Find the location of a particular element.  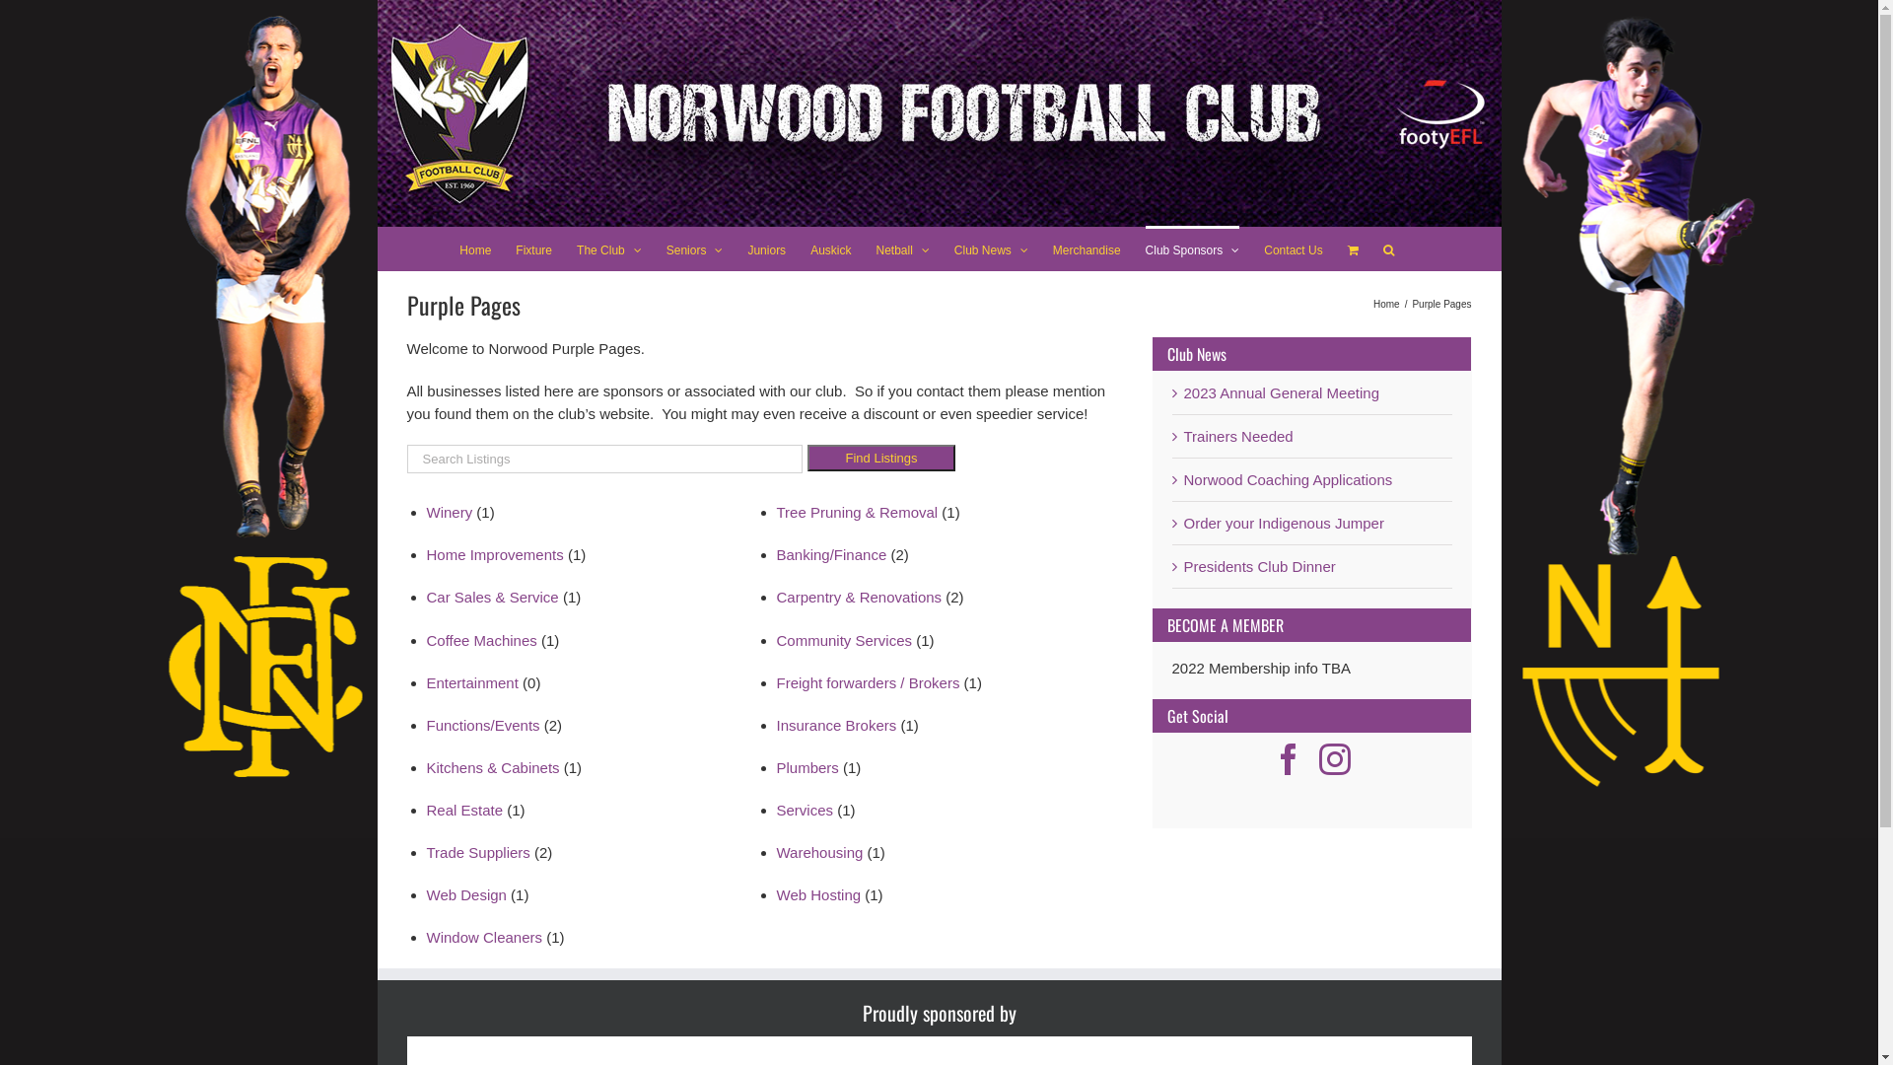

'Freight forwarders / Brokers' is located at coordinates (775, 681).